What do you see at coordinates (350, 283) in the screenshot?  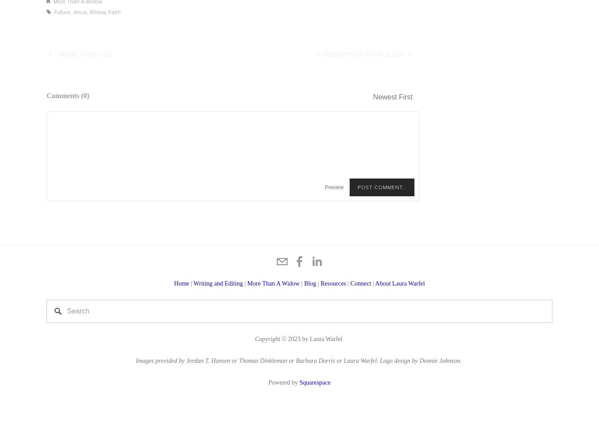 I see `'Connect'` at bounding box center [350, 283].